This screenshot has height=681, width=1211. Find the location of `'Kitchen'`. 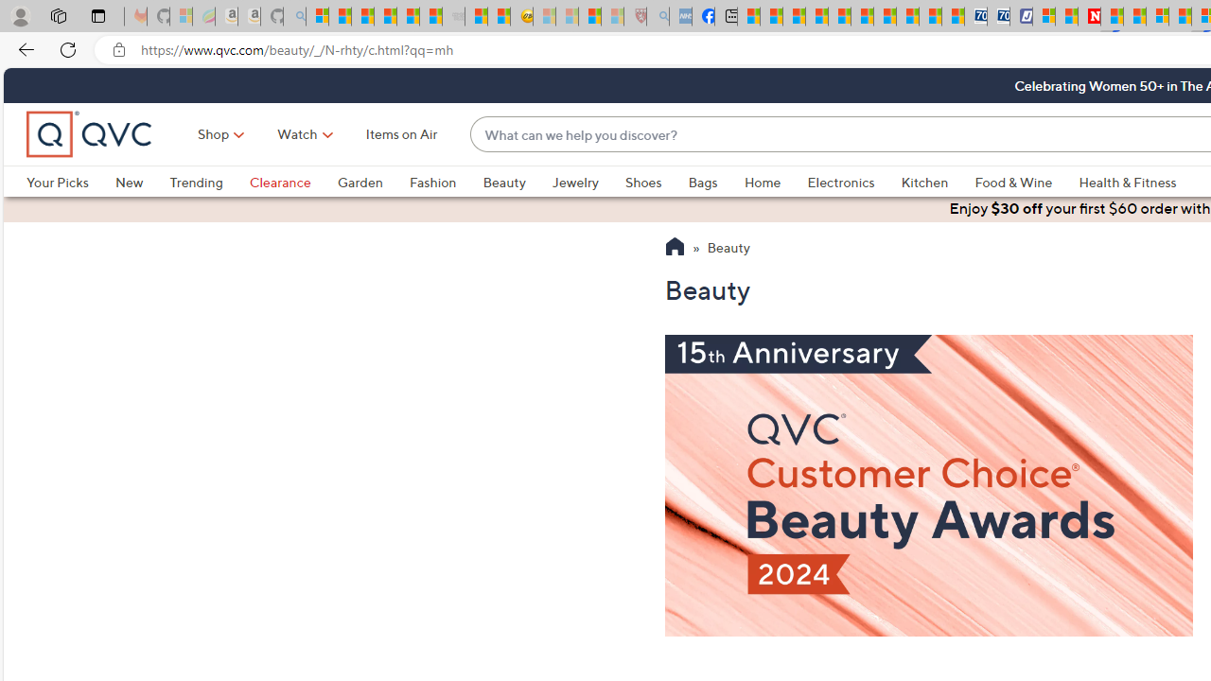

'Kitchen' is located at coordinates (938, 182).